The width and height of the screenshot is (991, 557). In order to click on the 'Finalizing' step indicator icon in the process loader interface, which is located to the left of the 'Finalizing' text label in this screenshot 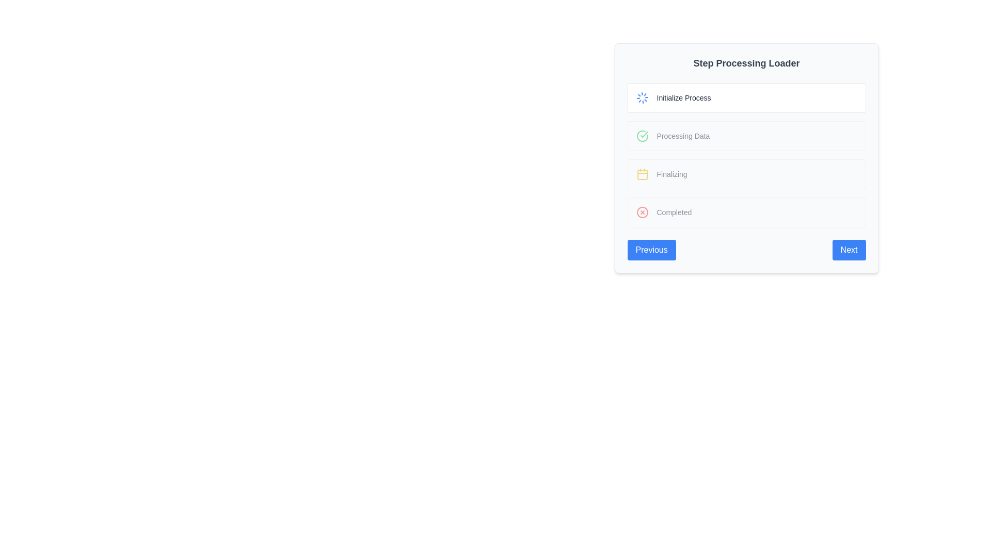, I will do `click(642, 174)`.